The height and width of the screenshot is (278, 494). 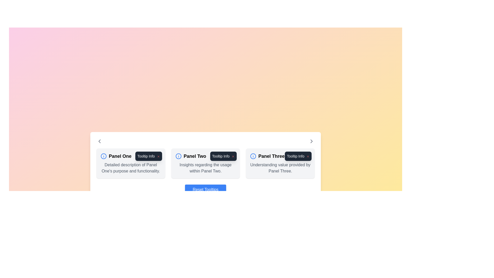 I want to click on the navigational icon located to the left of the panel area, so click(x=100, y=141).